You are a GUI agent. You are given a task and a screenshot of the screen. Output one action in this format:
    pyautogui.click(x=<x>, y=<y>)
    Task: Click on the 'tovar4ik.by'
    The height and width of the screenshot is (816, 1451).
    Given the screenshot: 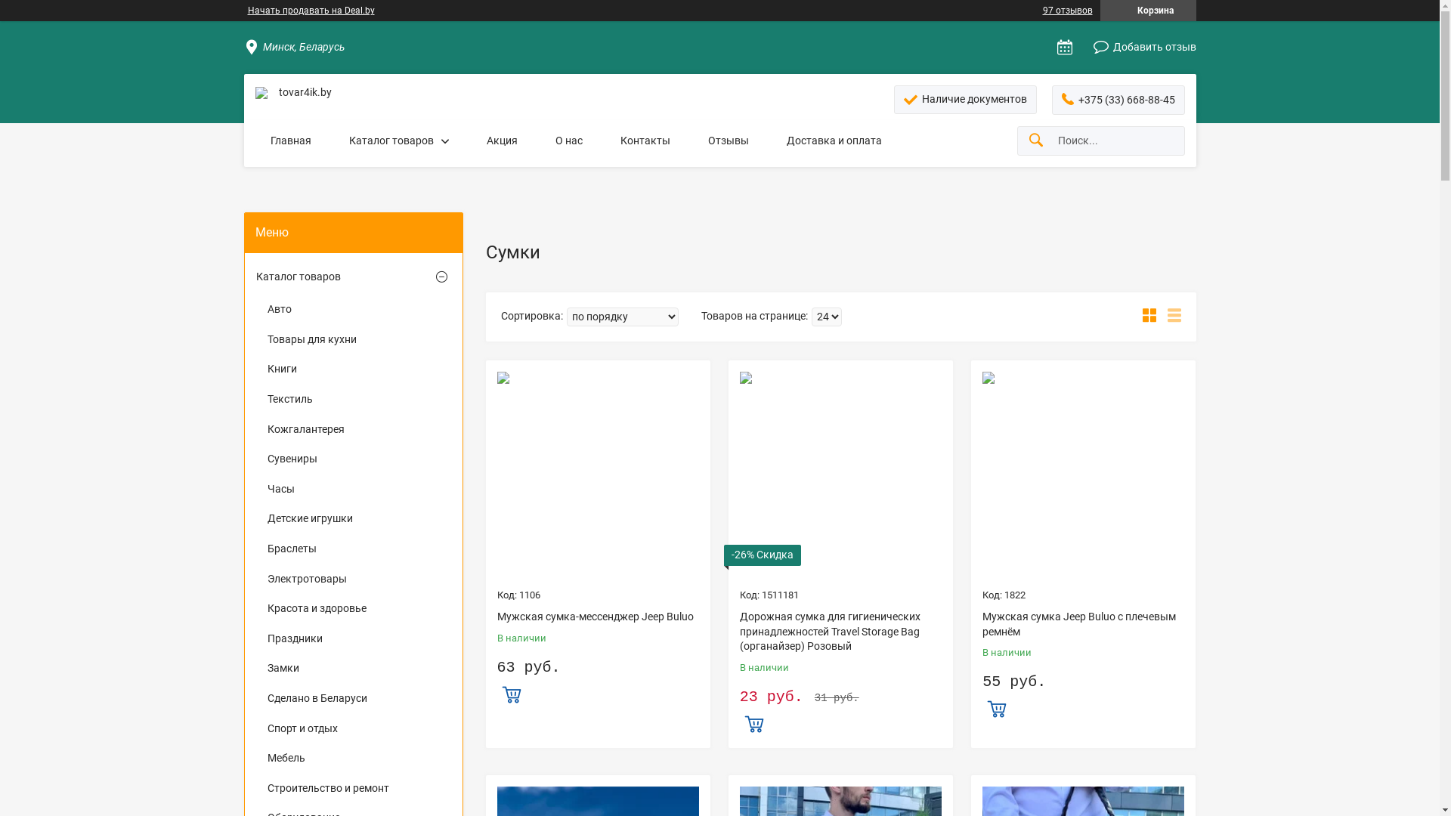 What is the action you would take?
    pyautogui.click(x=261, y=93)
    